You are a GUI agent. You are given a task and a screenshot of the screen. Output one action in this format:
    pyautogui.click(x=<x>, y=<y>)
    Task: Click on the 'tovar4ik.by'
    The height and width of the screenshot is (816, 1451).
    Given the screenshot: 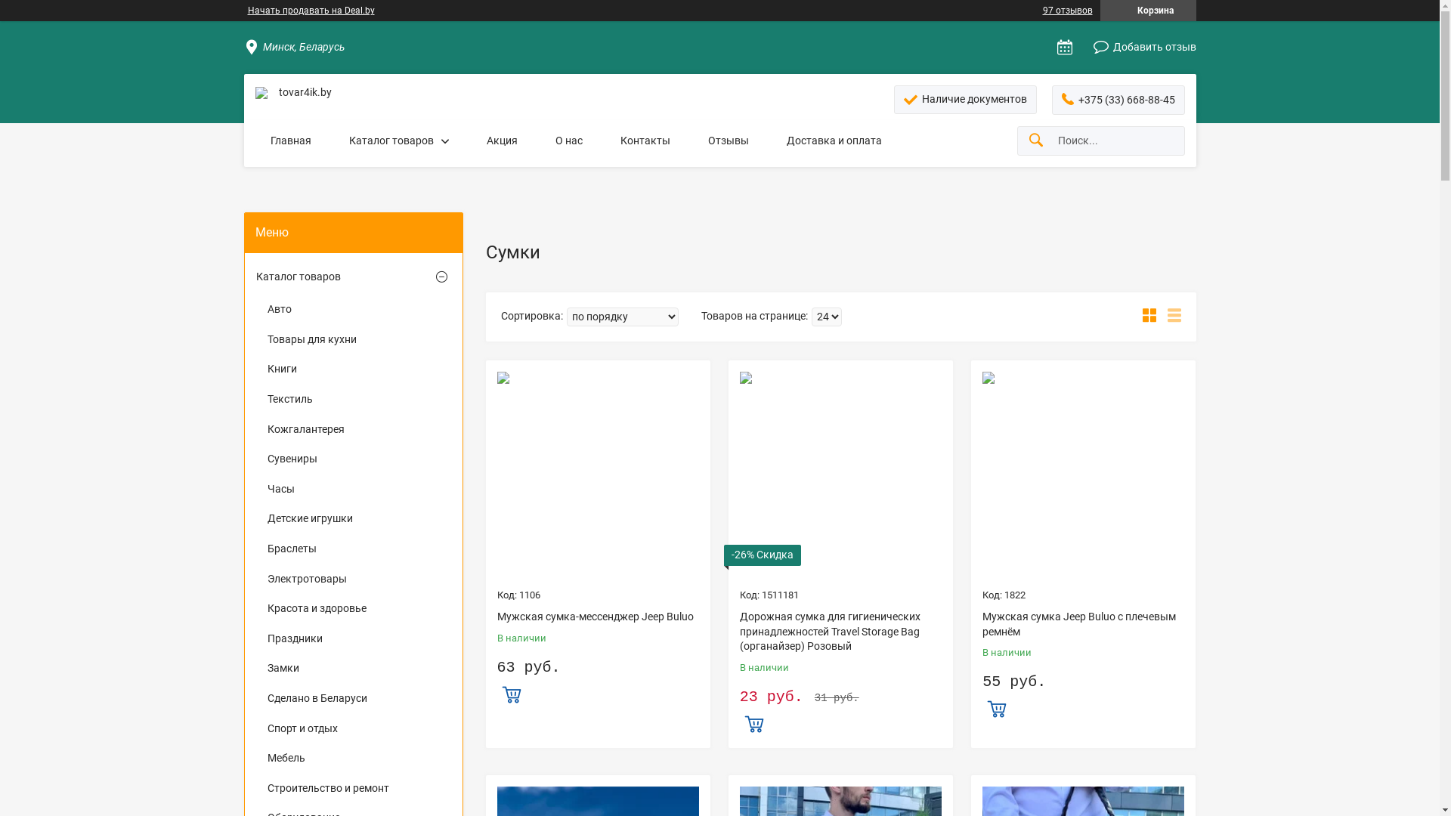 What is the action you would take?
    pyautogui.click(x=261, y=93)
    